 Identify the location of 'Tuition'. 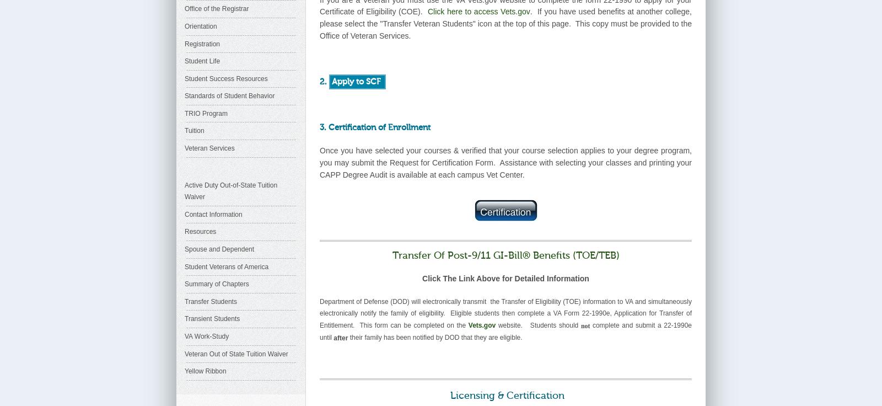
(185, 130).